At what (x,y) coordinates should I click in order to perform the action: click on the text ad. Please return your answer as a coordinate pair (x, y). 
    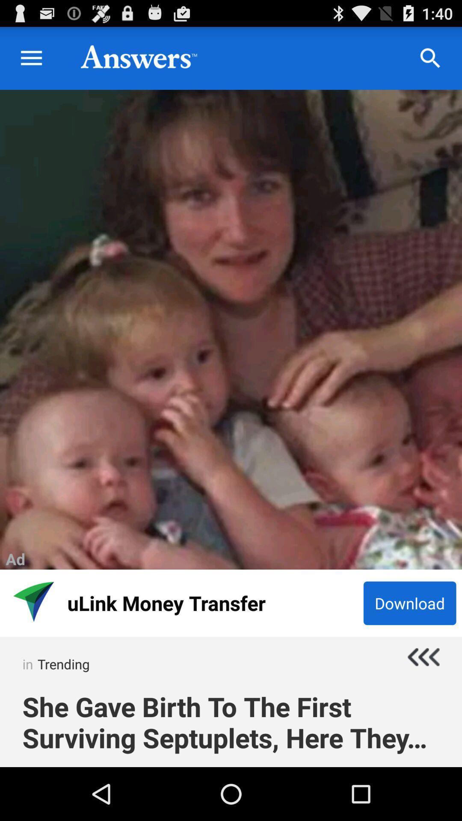
    Looking at the image, I should click on (15, 559).